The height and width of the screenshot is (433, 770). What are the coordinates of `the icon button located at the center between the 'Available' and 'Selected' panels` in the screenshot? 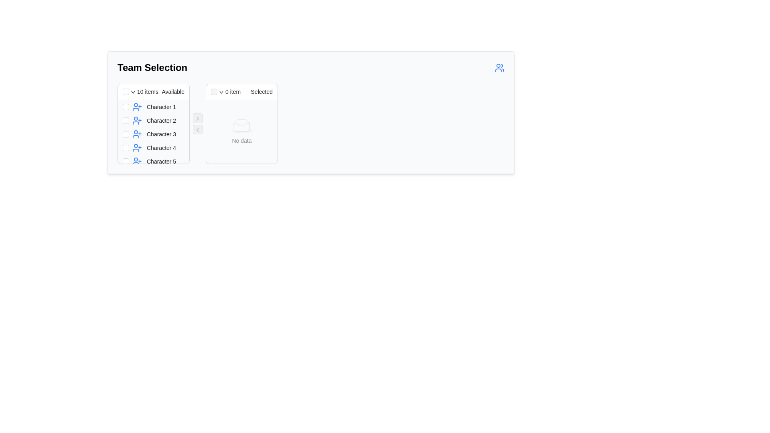 It's located at (198, 118).